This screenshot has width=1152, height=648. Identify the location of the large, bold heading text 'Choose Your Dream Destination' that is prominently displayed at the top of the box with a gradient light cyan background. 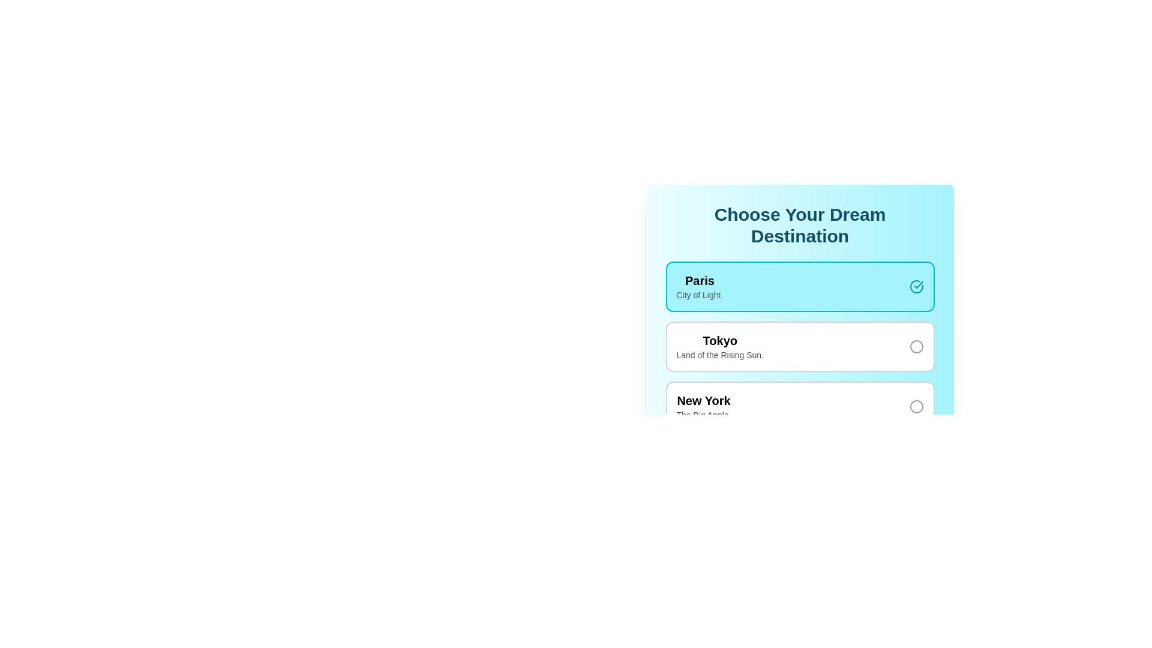
(800, 225).